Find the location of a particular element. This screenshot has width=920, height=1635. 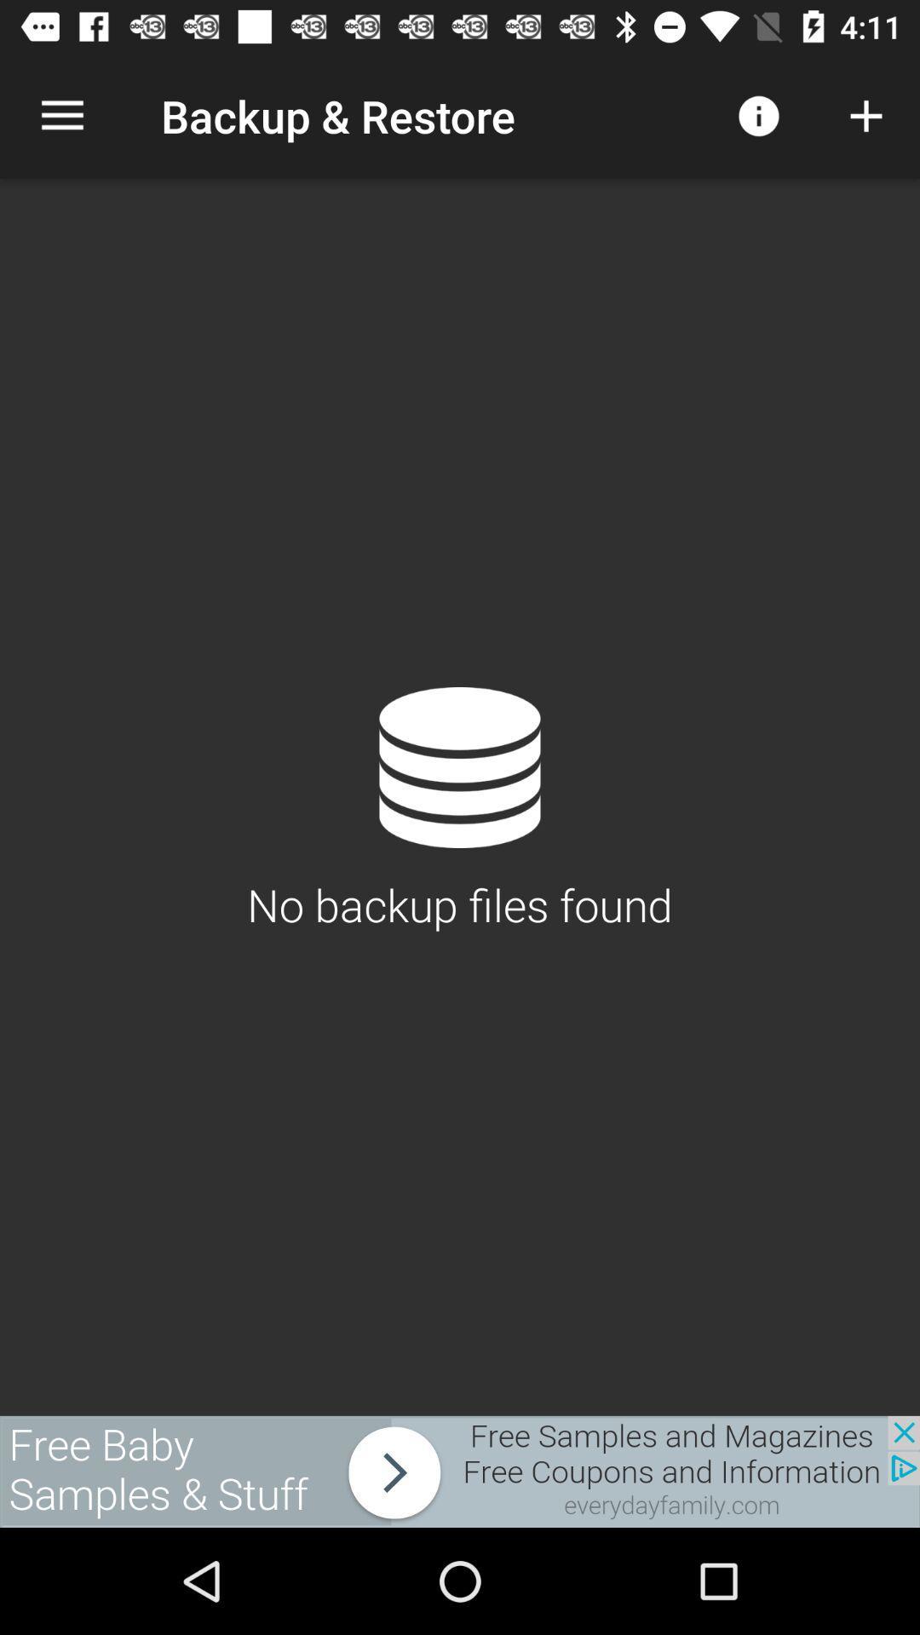

more information about an advertisement is located at coordinates (460, 1471).